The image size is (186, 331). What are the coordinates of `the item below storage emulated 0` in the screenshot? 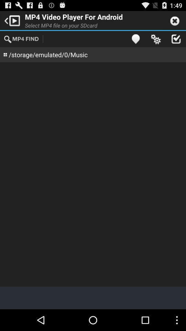 It's located at (93, 174).